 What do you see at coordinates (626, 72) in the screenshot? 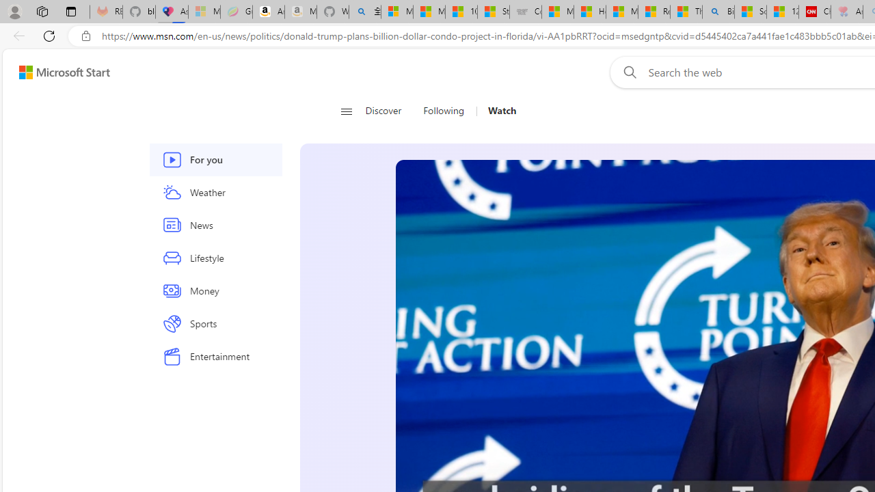
I see `'Web search'` at bounding box center [626, 72].